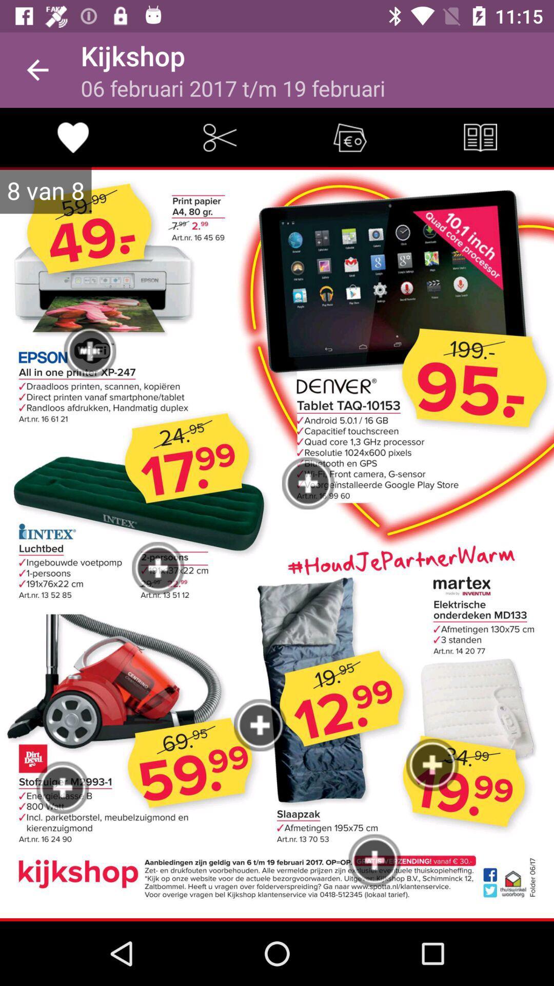  Describe the element at coordinates (219, 137) in the screenshot. I see `the flash icon` at that location.